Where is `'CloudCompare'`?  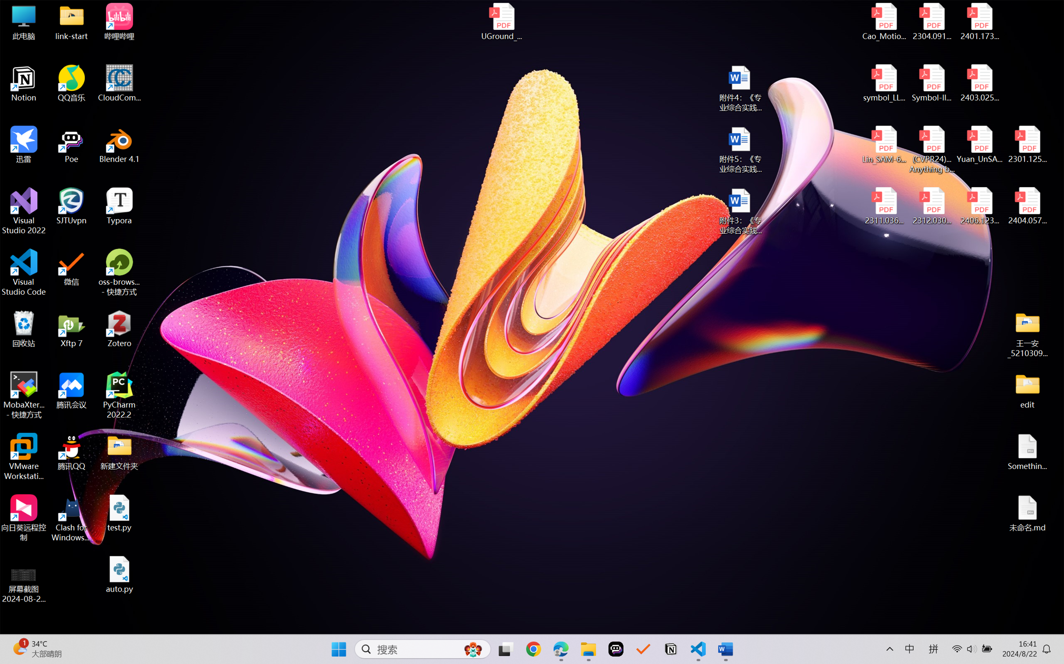 'CloudCompare' is located at coordinates (119, 83).